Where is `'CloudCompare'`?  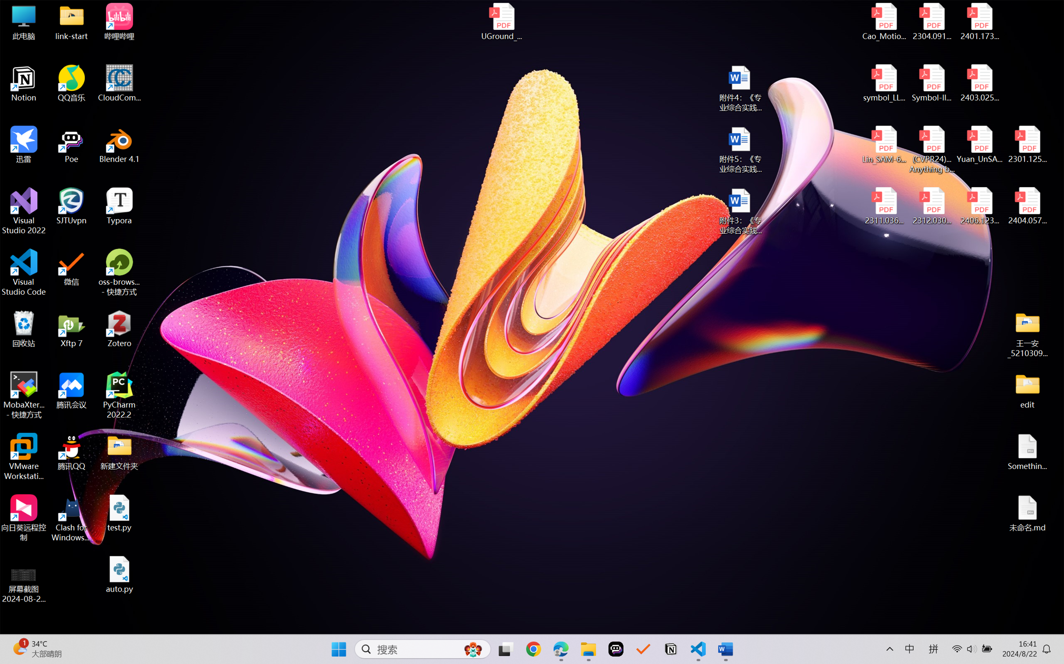 'CloudCompare' is located at coordinates (119, 83).